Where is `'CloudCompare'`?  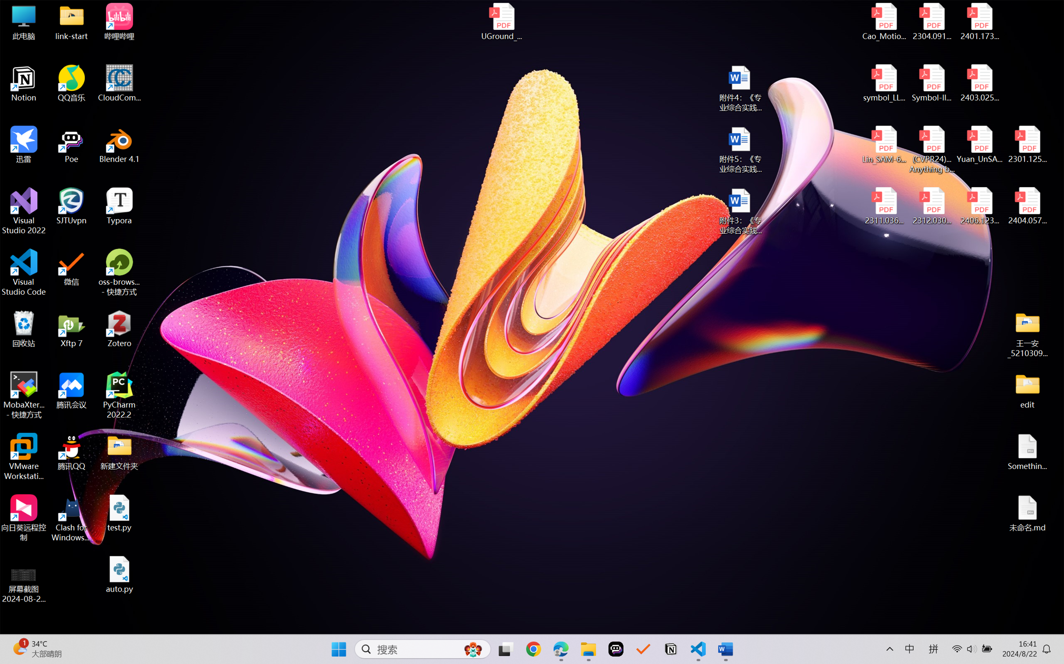 'CloudCompare' is located at coordinates (119, 83).